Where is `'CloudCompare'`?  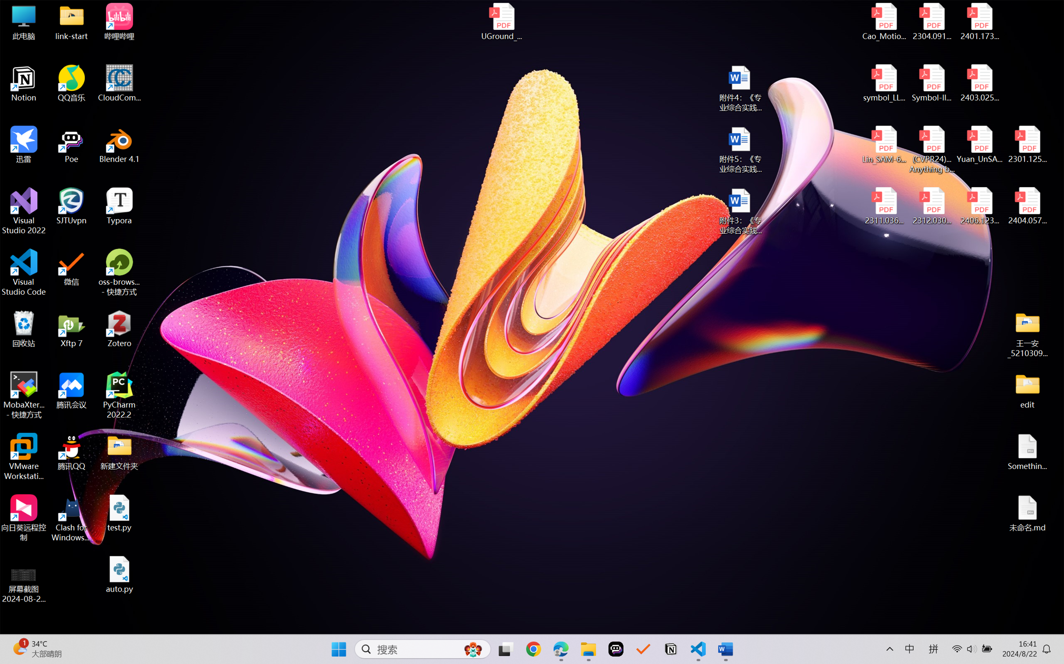 'CloudCompare' is located at coordinates (119, 83).